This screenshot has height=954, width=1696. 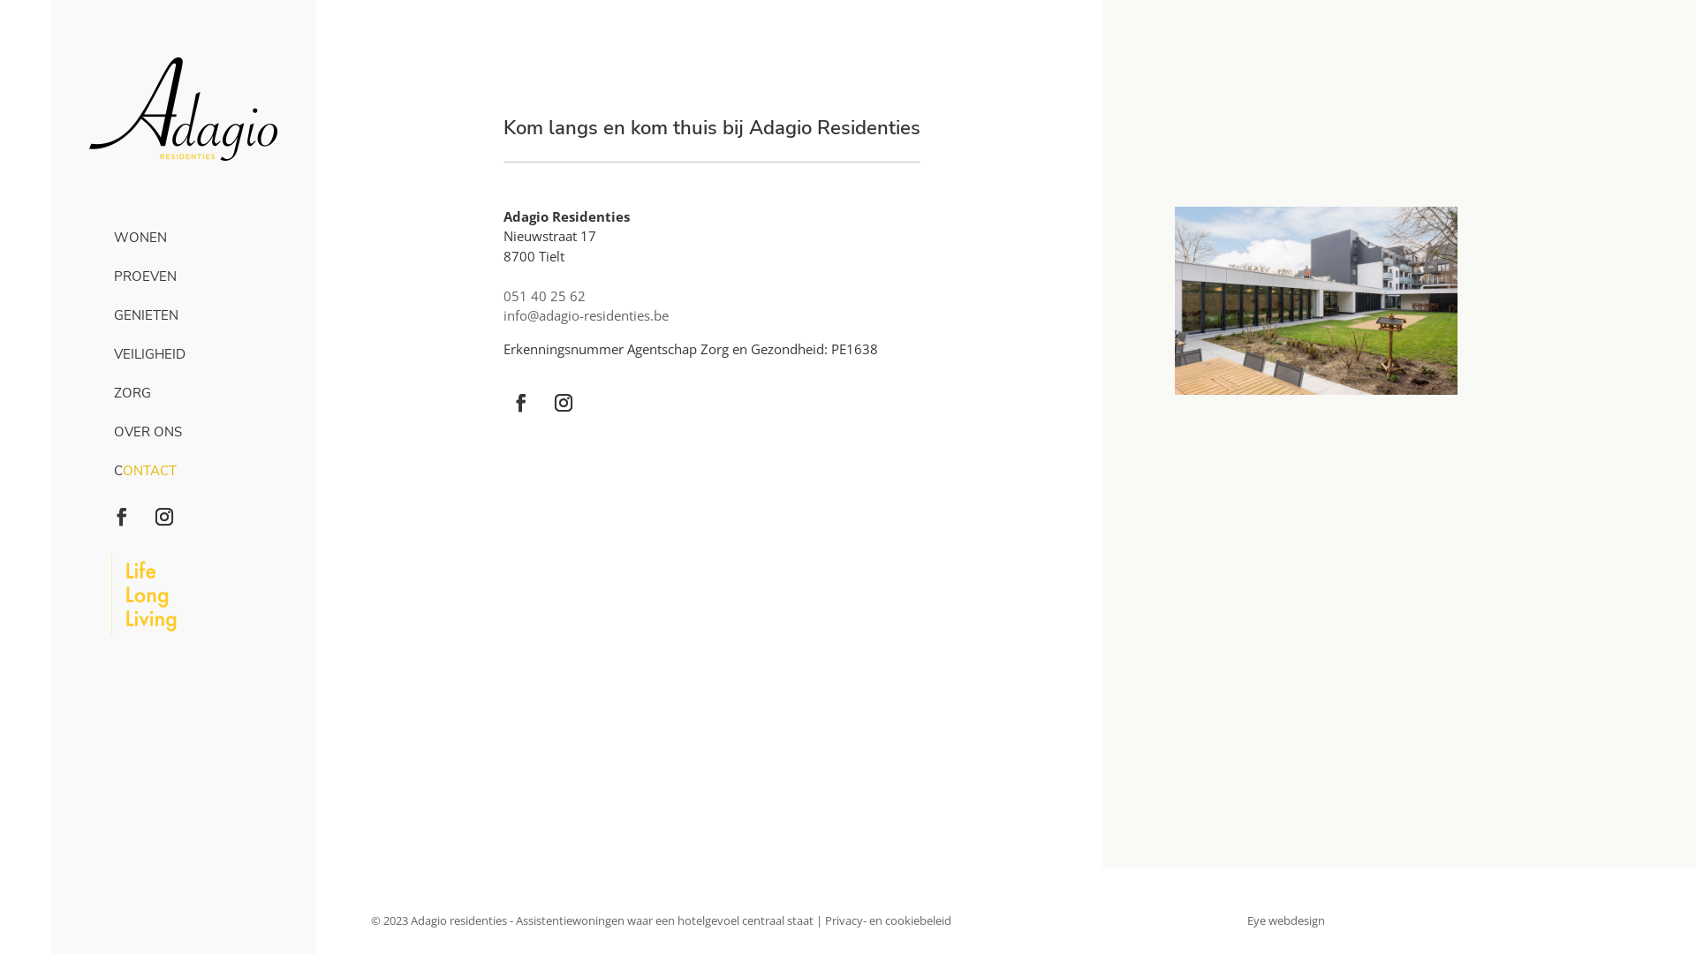 What do you see at coordinates (183, 432) in the screenshot?
I see `'OVER ONS'` at bounding box center [183, 432].